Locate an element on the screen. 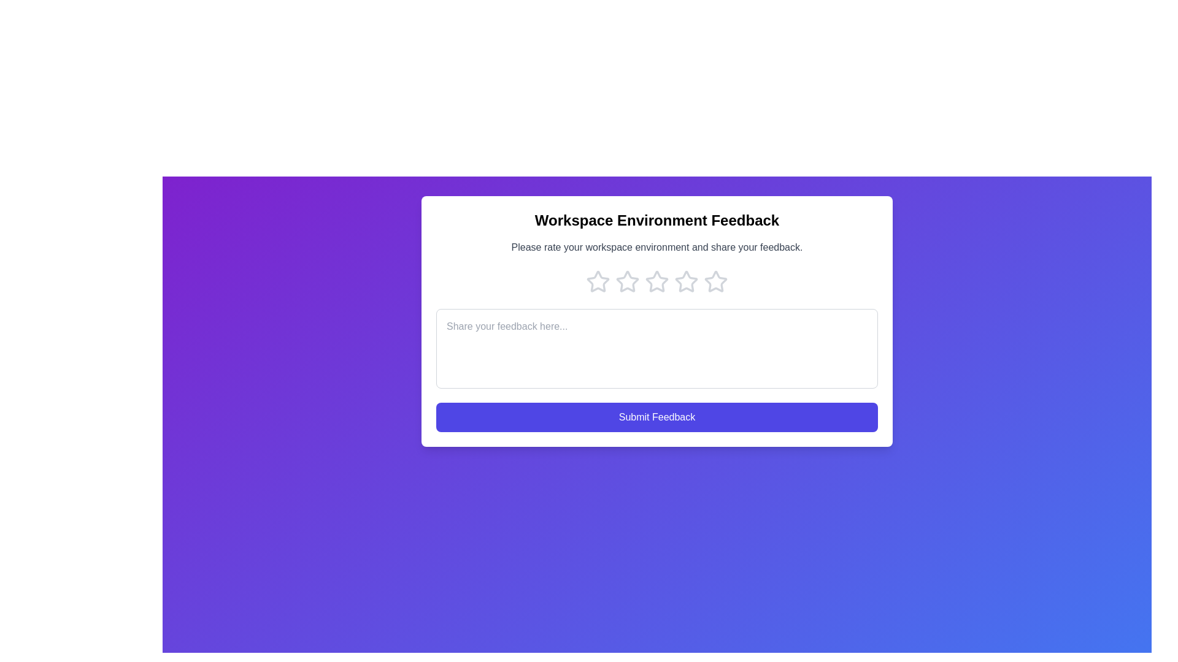 The width and height of the screenshot is (1178, 662). the star corresponding to the rating 3 is located at coordinates (656, 281).